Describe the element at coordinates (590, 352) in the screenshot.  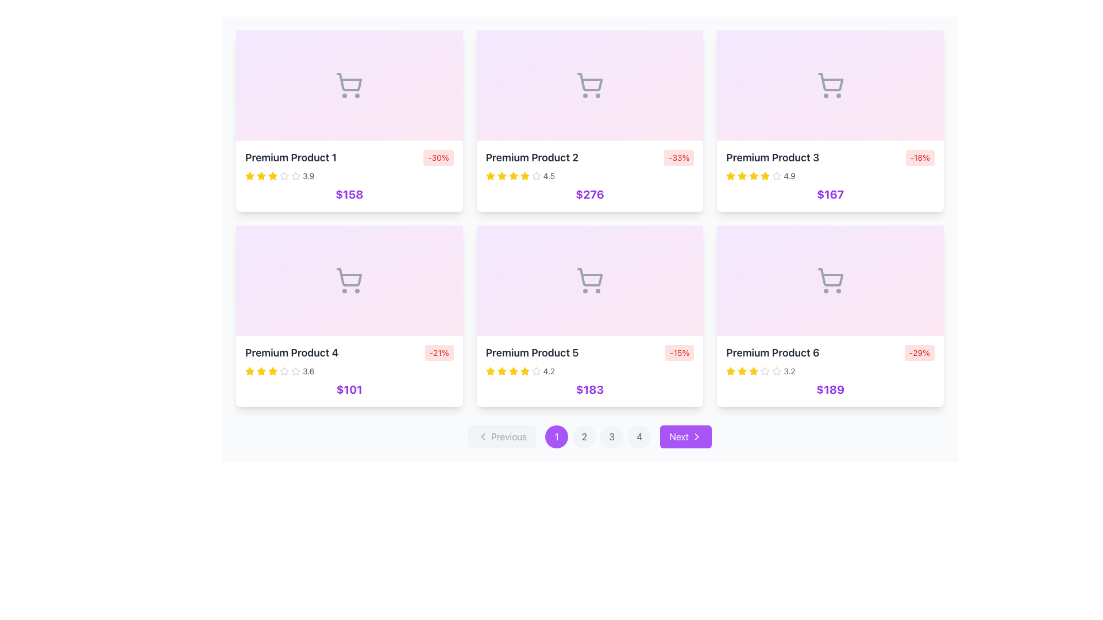
I see `the text label displaying 'Premium Product 5' with a discount tag '-15%' in a red background, located within the card panel of the first column of the second row in the grid layout` at that location.